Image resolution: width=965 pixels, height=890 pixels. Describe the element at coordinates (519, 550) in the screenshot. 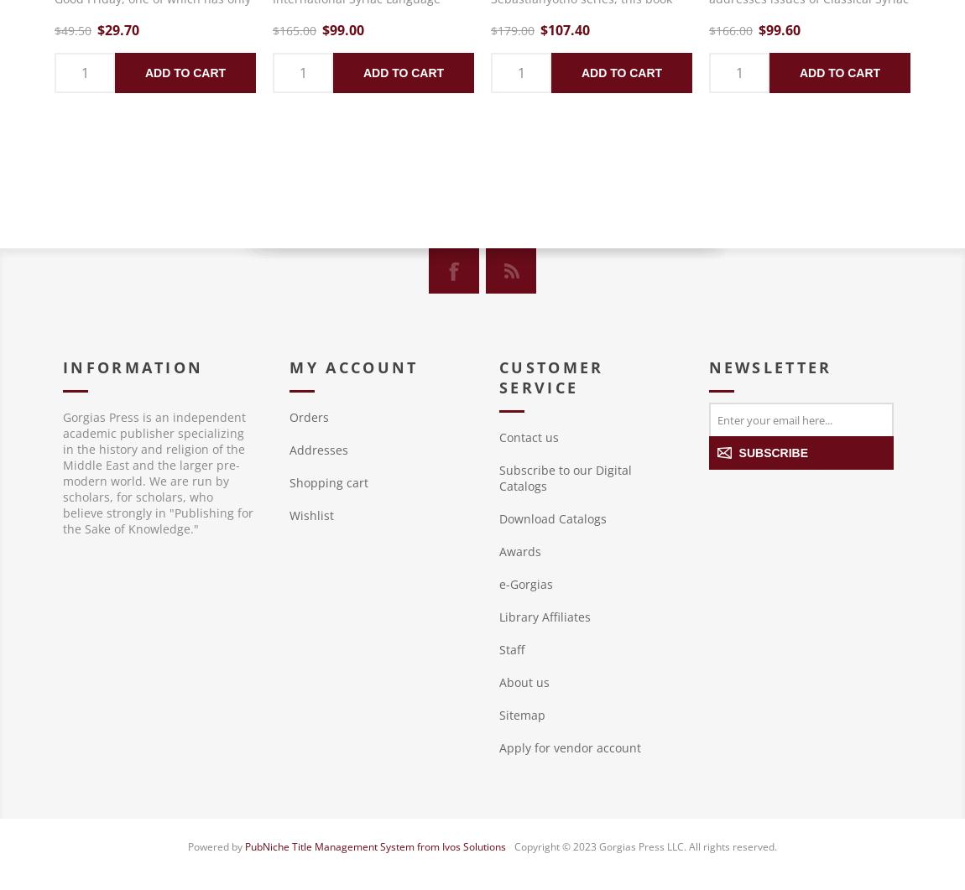

I see `'Awards'` at that location.